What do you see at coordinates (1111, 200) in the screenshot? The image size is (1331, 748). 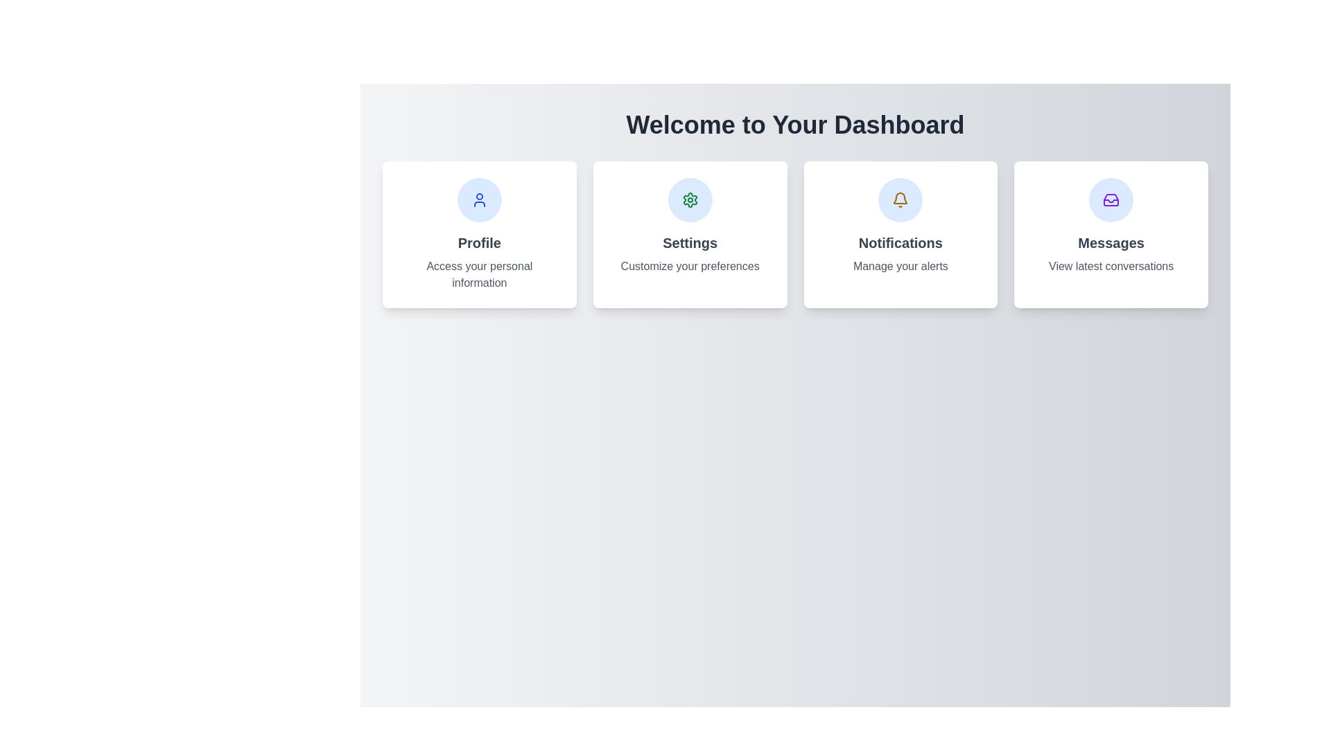 I see `the Messages icon` at bounding box center [1111, 200].